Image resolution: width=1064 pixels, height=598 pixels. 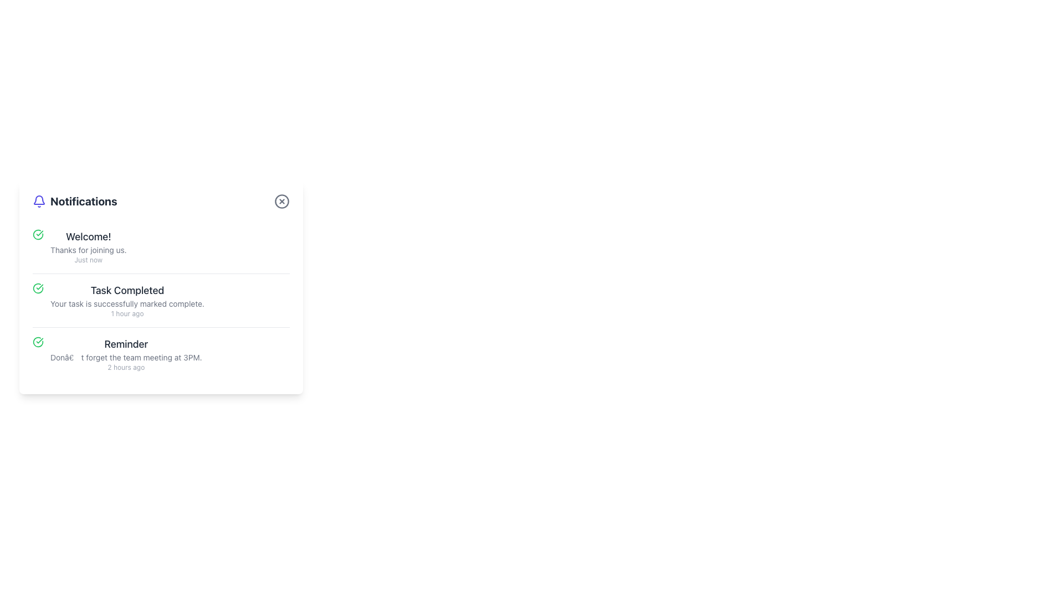 I want to click on the static notification item that displays the welcome message, positioned at the top of the notifications list, so click(x=161, y=246).